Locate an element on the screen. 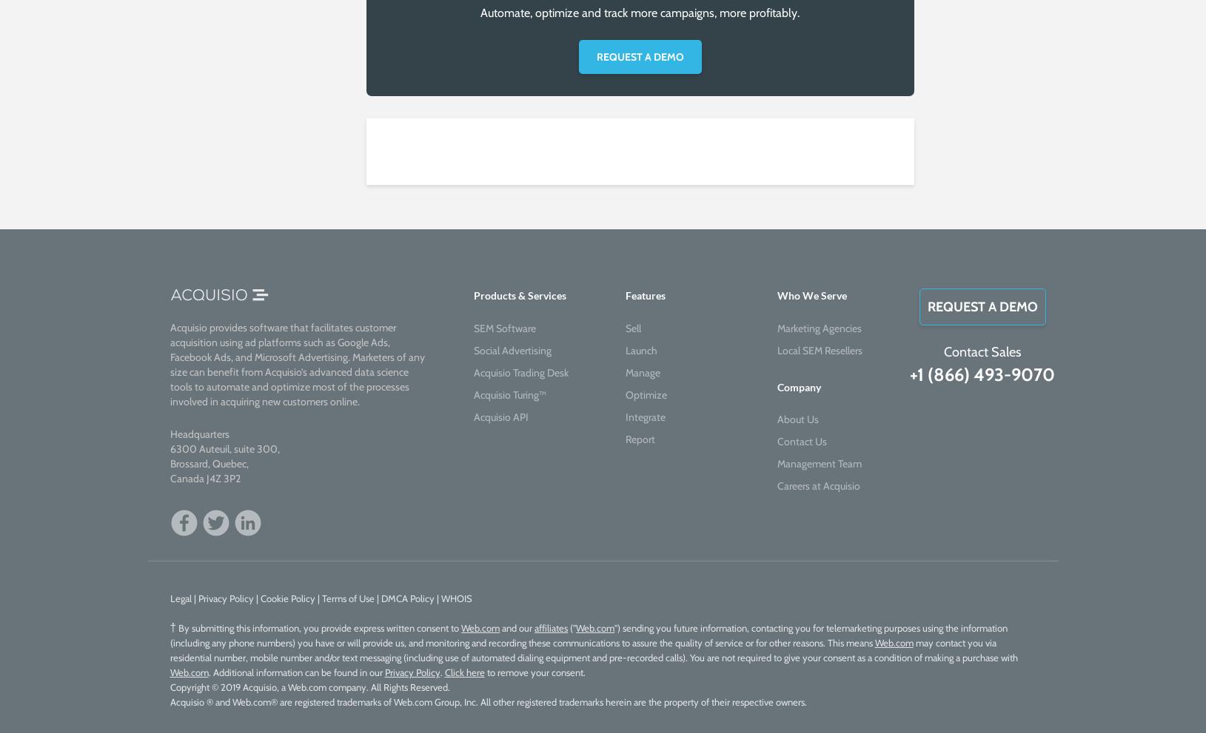  'By submitting this information, you provide express written consent to' is located at coordinates (318, 626).